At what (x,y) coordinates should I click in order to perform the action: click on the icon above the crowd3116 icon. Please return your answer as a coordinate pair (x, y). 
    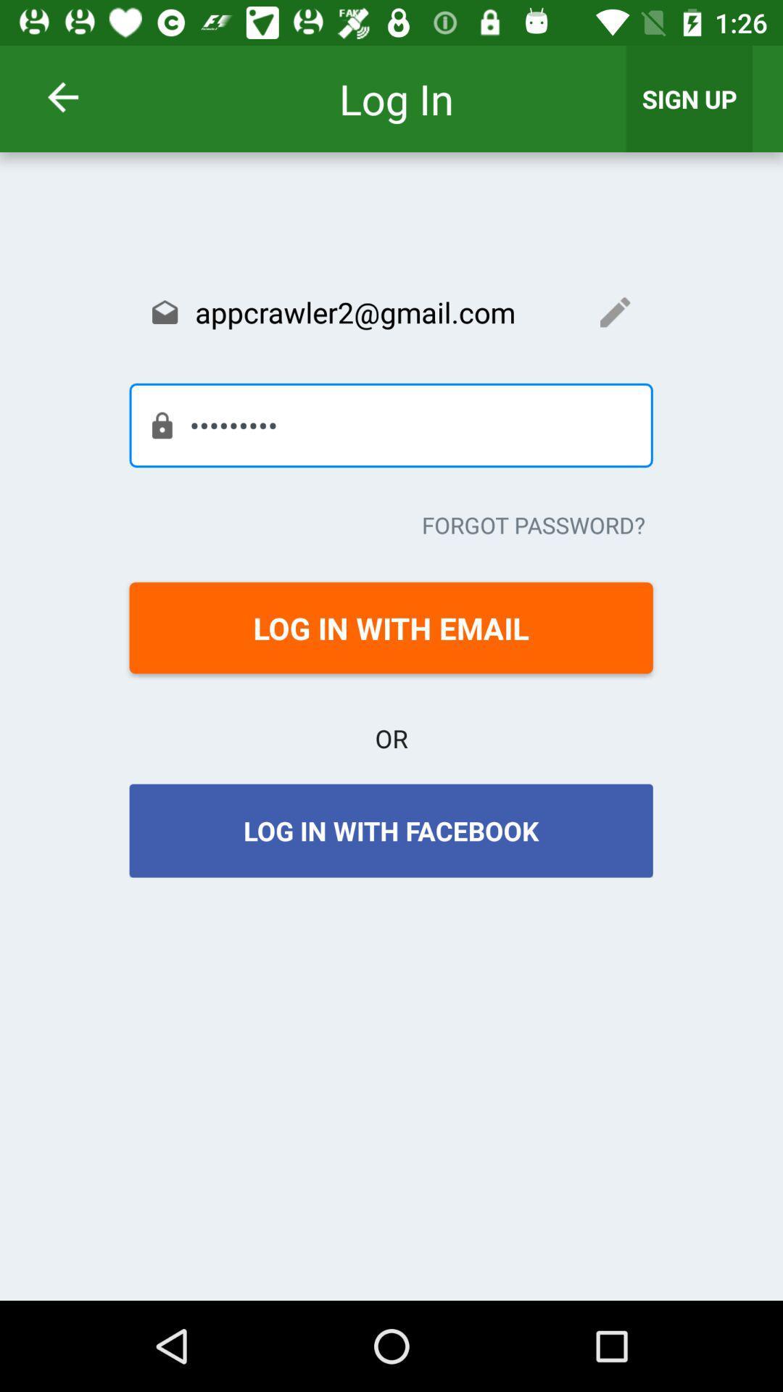
    Looking at the image, I should click on (390, 311).